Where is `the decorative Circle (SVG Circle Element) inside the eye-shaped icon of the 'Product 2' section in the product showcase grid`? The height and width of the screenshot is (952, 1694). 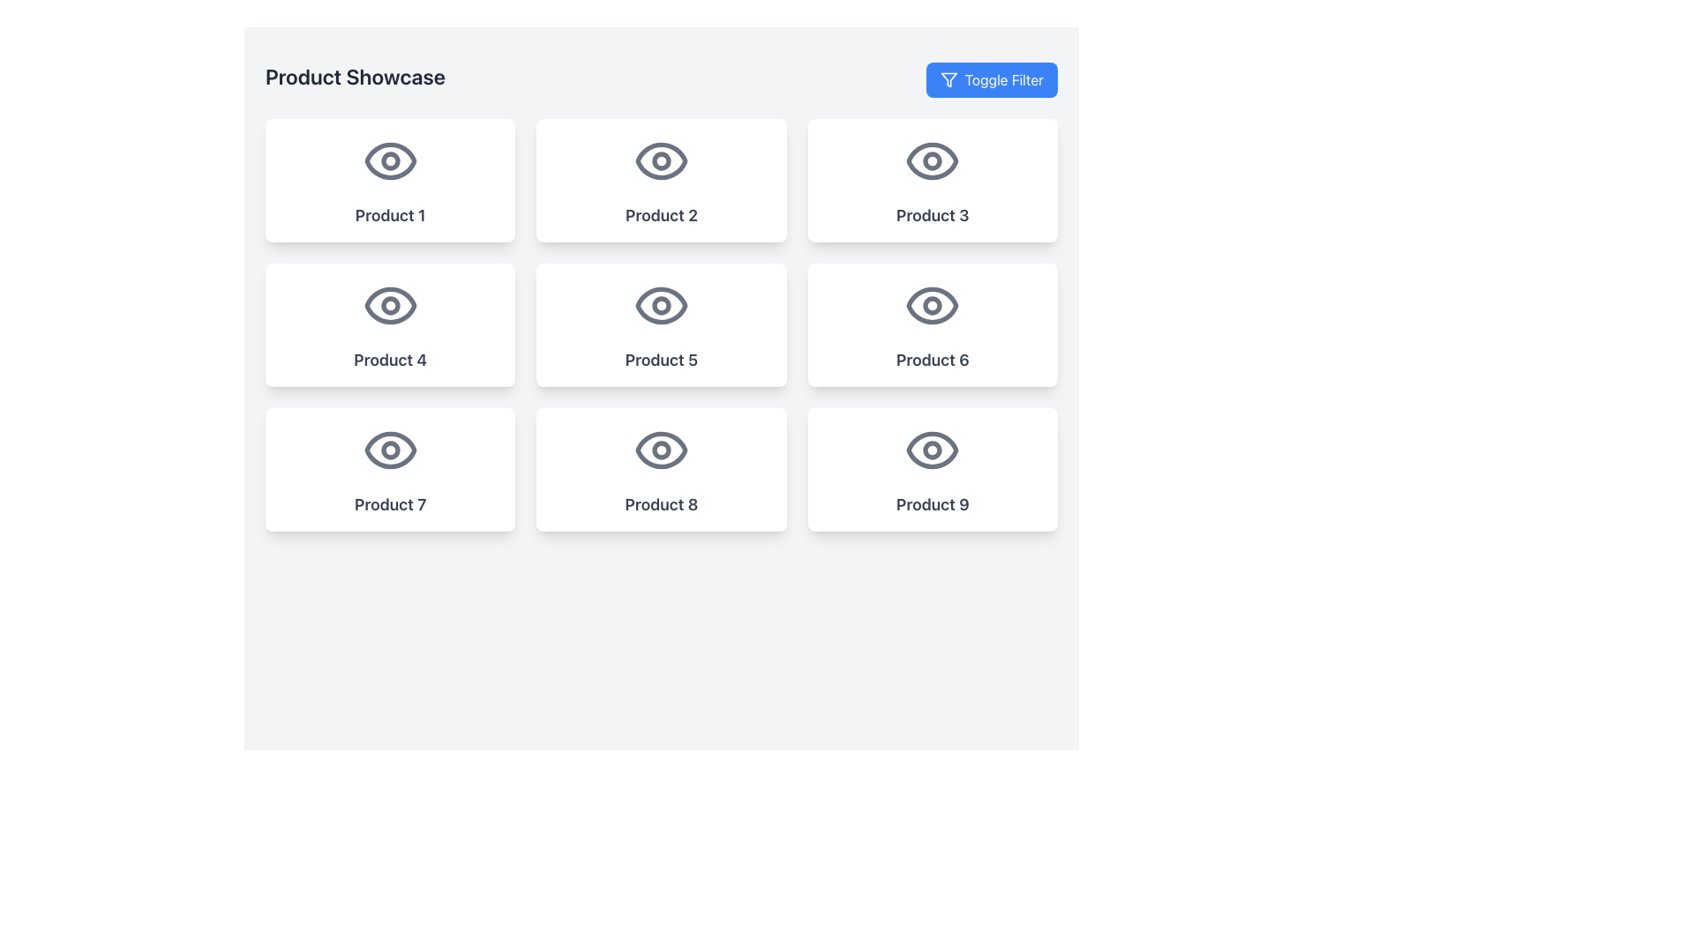
the decorative Circle (SVG Circle Element) inside the eye-shaped icon of the 'Product 2' section in the product showcase grid is located at coordinates (660, 160).